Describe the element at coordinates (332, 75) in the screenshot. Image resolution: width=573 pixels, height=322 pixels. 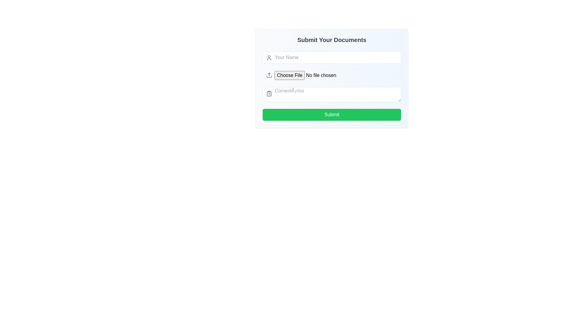
I see `the File input field located between the 'Your Name' input field and the 'Commentários' textarea input field to submit a file by opening the file browser` at that location.